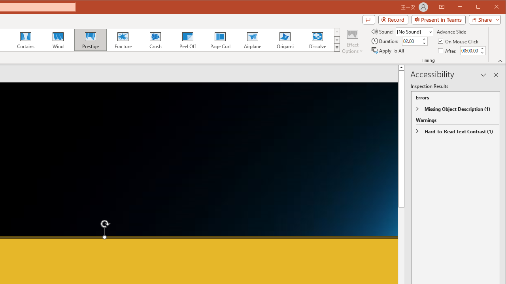 The height and width of the screenshot is (284, 506). What do you see at coordinates (123, 39) in the screenshot?
I see `'Fracture'` at bounding box center [123, 39].